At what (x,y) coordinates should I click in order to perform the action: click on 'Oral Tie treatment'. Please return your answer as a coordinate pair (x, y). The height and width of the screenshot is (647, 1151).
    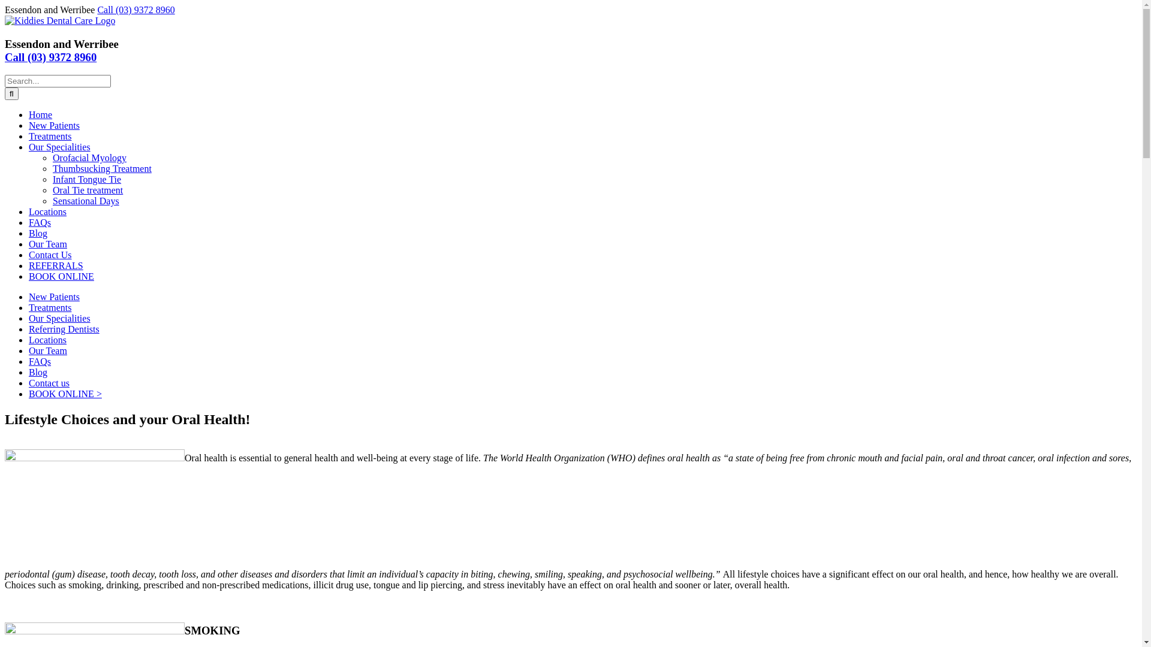
    Looking at the image, I should click on (87, 189).